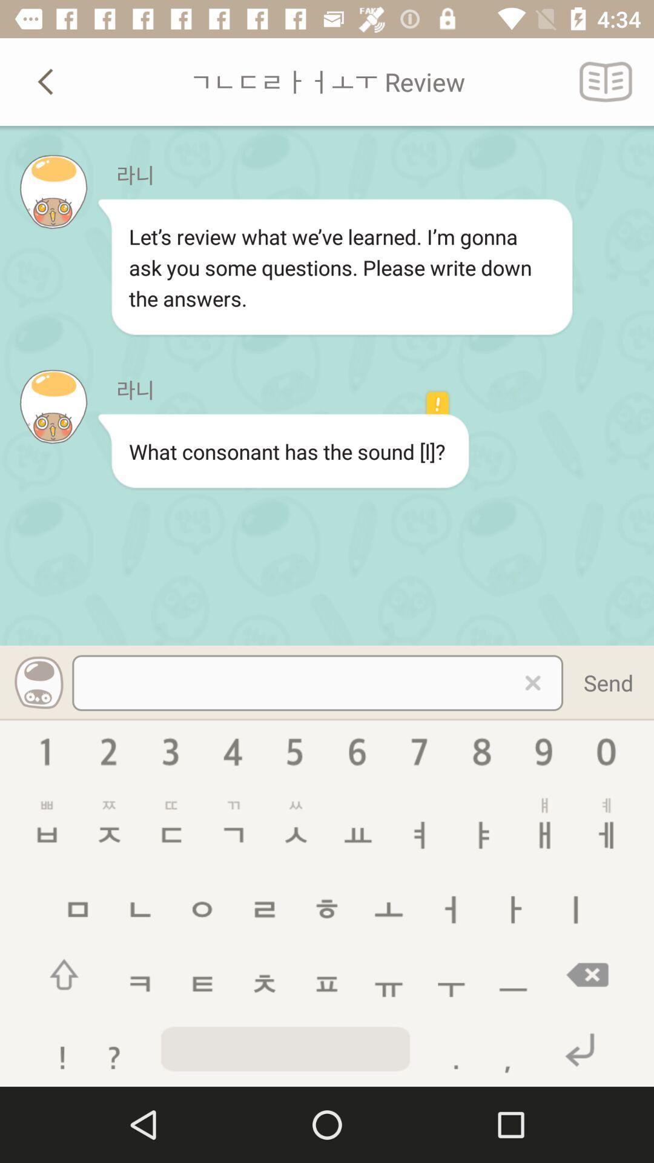 The image size is (654, 1163). Describe the element at coordinates (357, 825) in the screenshot. I see `the font icon` at that location.